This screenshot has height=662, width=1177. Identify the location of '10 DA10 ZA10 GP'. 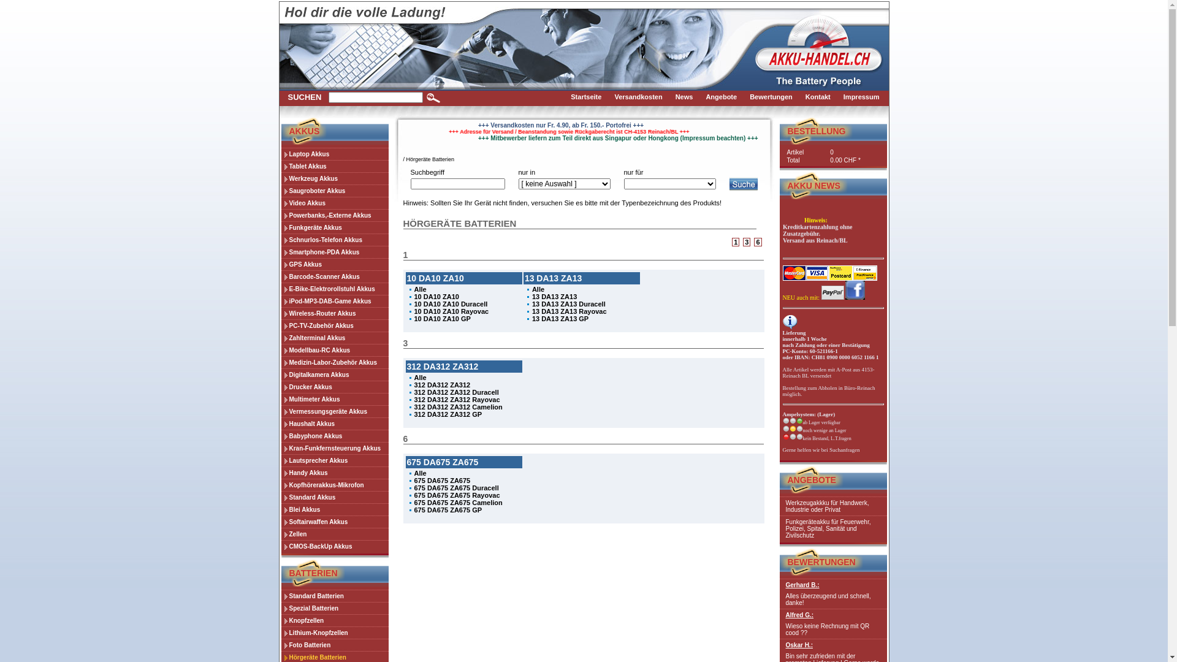
(441, 318).